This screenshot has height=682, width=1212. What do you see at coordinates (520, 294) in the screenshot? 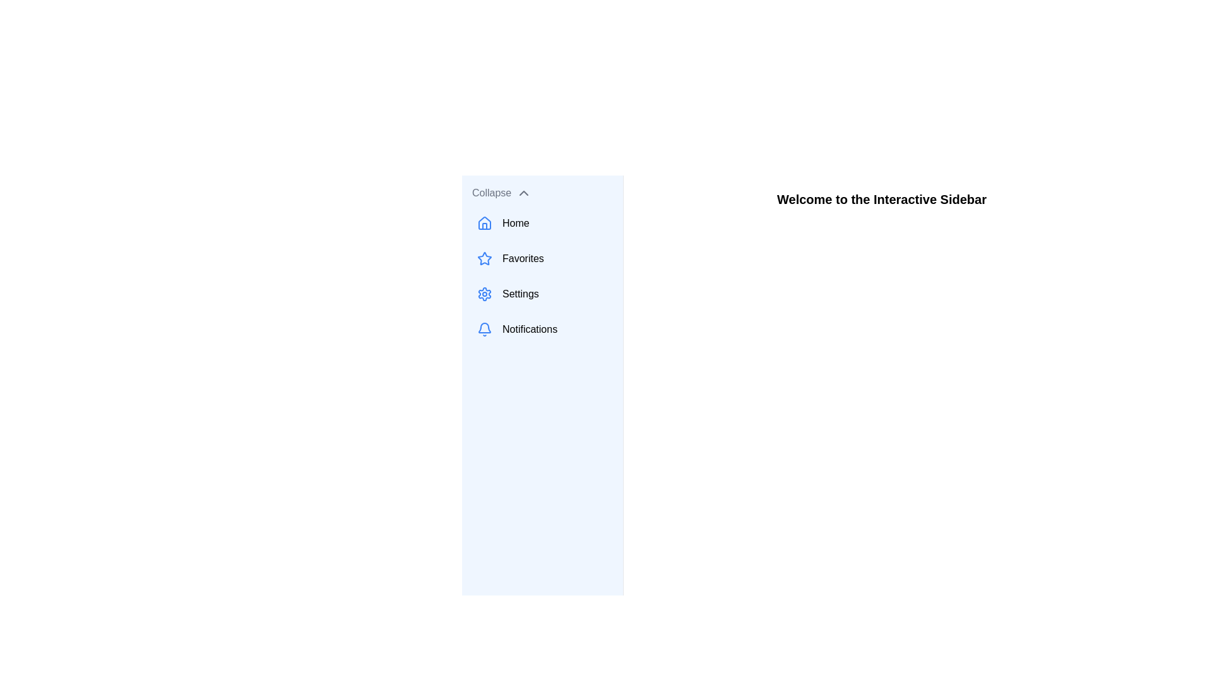
I see `the 'Settings' text label in the sidebar menu` at bounding box center [520, 294].